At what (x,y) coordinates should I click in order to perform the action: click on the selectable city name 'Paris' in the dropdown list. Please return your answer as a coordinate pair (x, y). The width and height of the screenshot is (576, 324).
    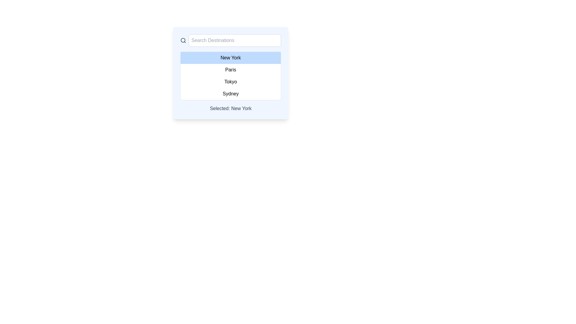
    Looking at the image, I should click on (230, 73).